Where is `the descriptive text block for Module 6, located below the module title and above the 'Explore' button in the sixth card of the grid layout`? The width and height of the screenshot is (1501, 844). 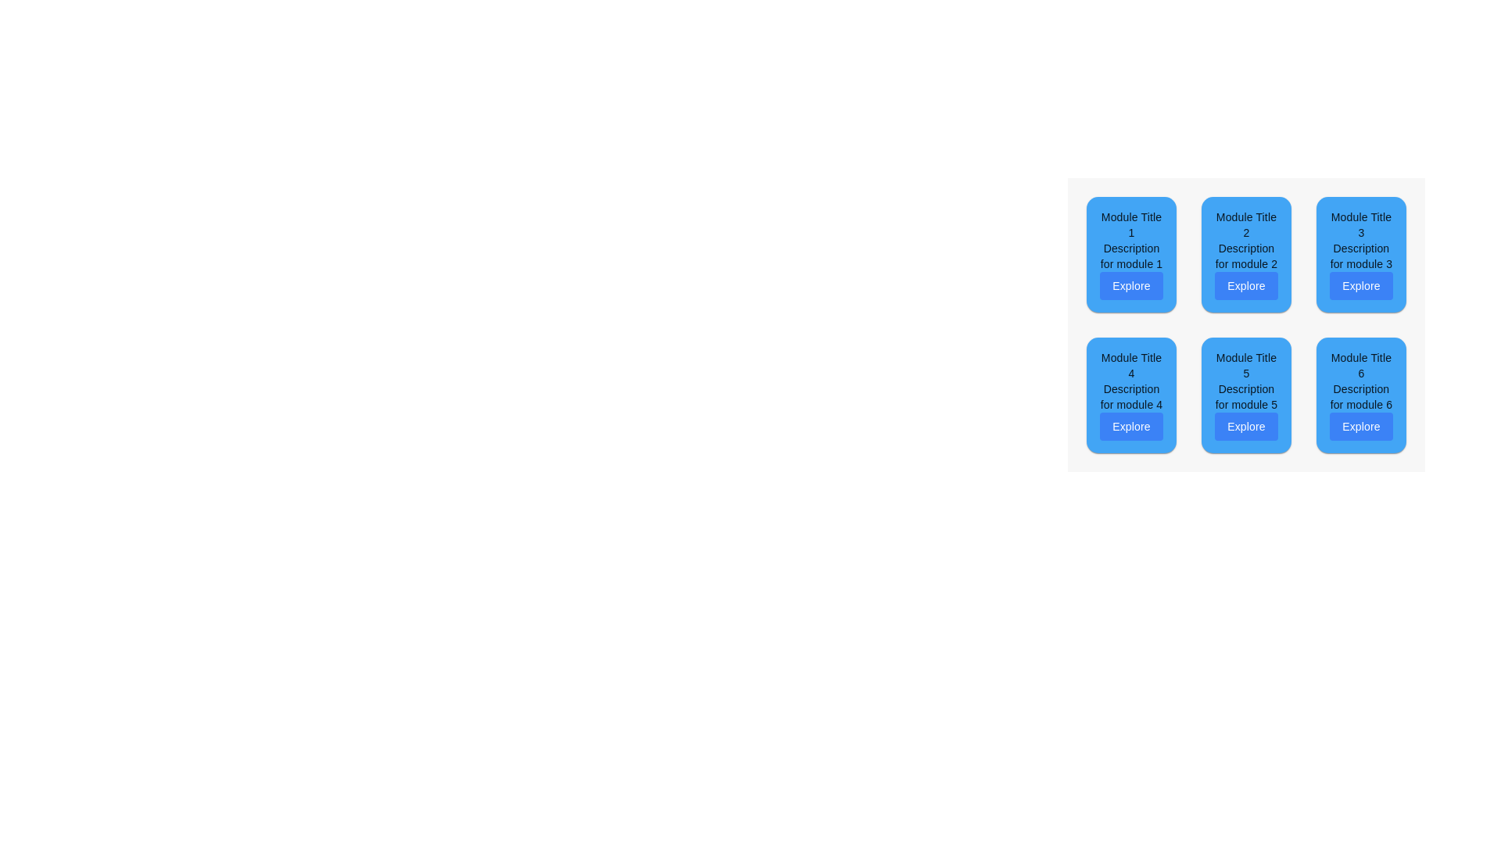 the descriptive text block for Module 6, located below the module title and above the 'Explore' button in the sixth card of the grid layout is located at coordinates (1360, 396).